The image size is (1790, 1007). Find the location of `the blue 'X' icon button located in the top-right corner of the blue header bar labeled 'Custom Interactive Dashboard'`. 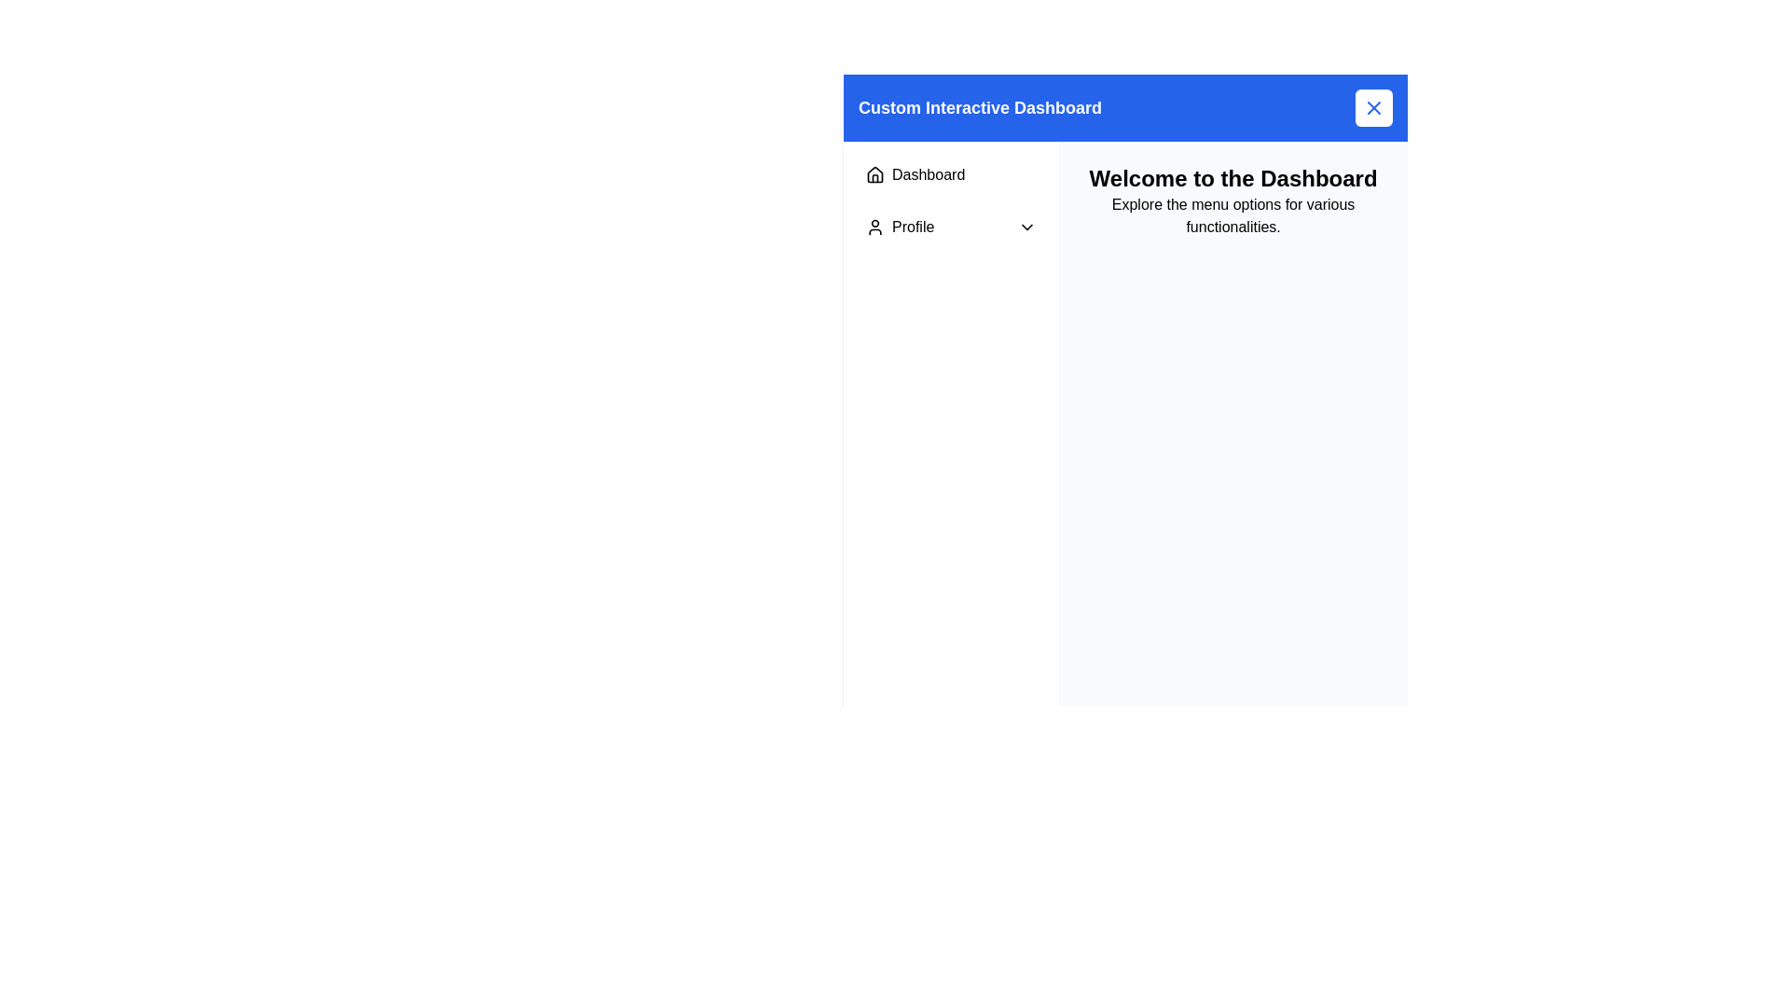

the blue 'X' icon button located in the top-right corner of the blue header bar labeled 'Custom Interactive Dashboard' is located at coordinates (1373, 107).